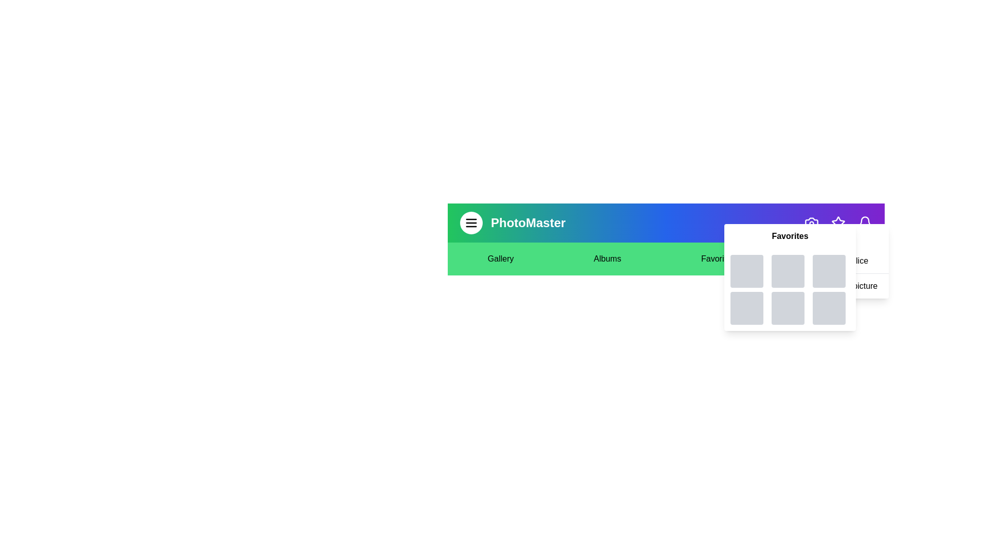  Describe the element at coordinates (501, 258) in the screenshot. I see `the menu item Gallery from the navigation bar` at that location.